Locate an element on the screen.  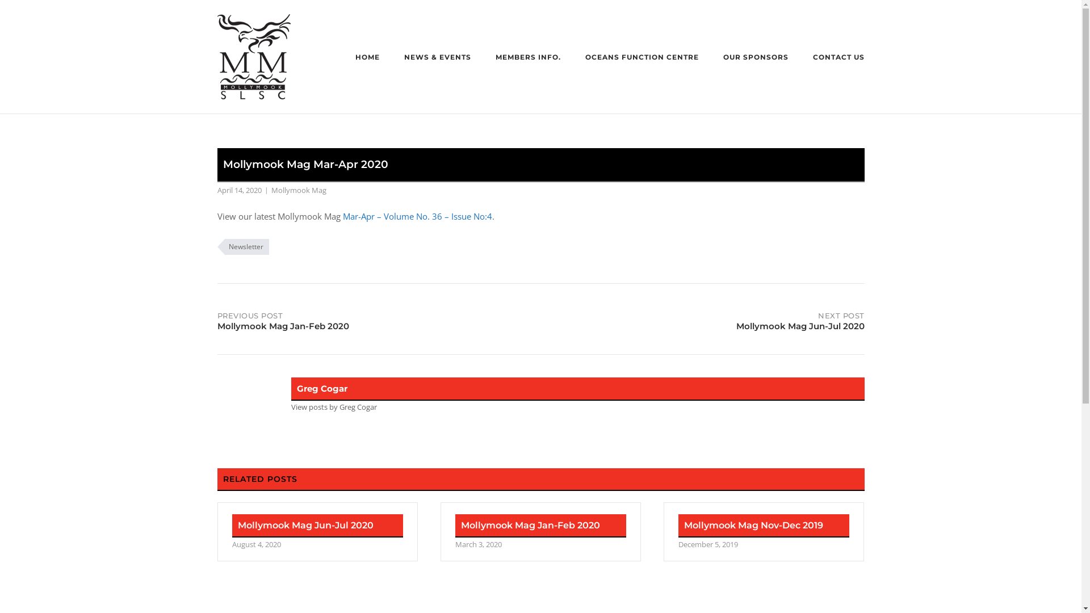
'OCEANS FUNCTION CENTRE' is located at coordinates (641, 58).